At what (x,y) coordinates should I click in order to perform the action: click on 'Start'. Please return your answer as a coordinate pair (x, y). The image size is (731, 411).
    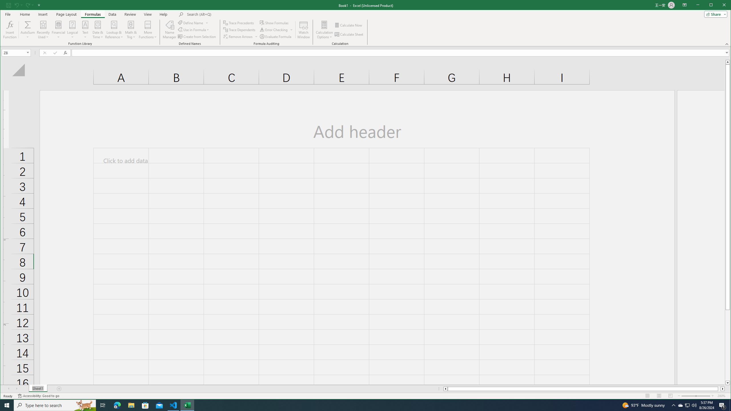
    Looking at the image, I should click on (7, 405).